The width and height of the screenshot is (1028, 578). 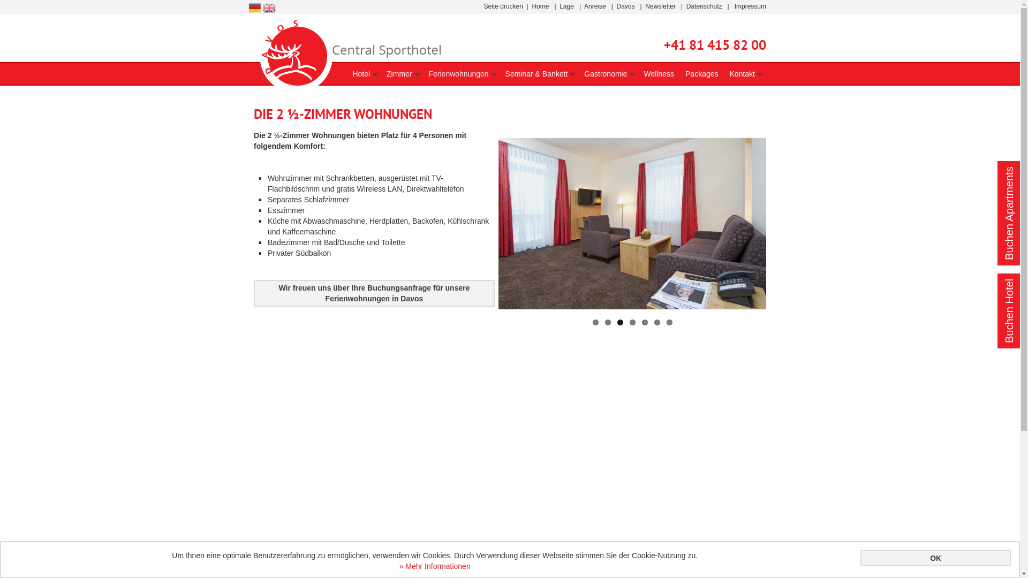 What do you see at coordinates (701, 73) in the screenshot?
I see `'Packages'` at bounding box center [701, 73].